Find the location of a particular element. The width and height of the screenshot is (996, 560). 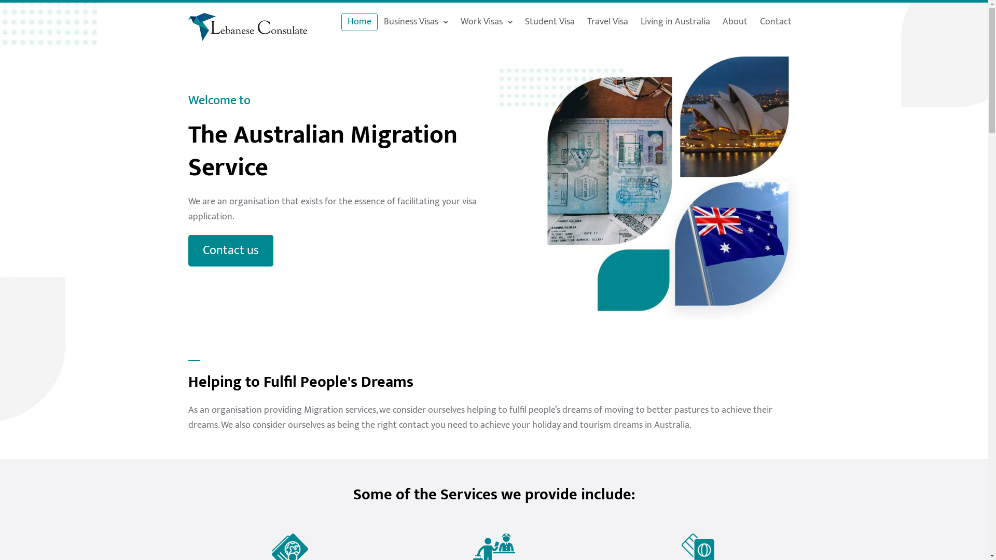

'Student Visa' is located at coordinates (518, 22).